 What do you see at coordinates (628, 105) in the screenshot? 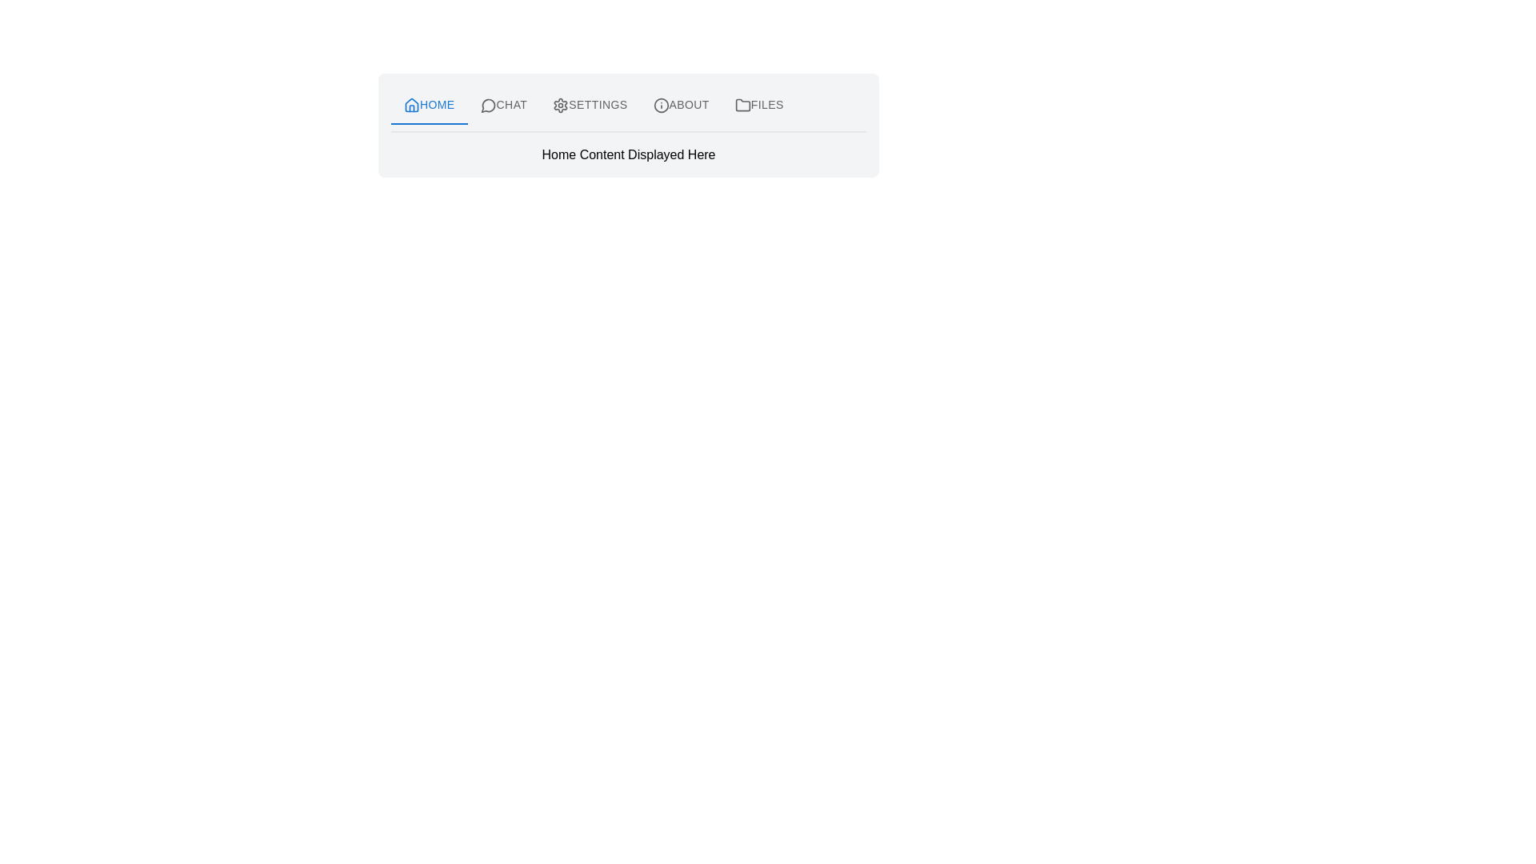
I see `the Navigation bar at the top center of the interface for accessibility navigation` at bounding box center [628, 105].